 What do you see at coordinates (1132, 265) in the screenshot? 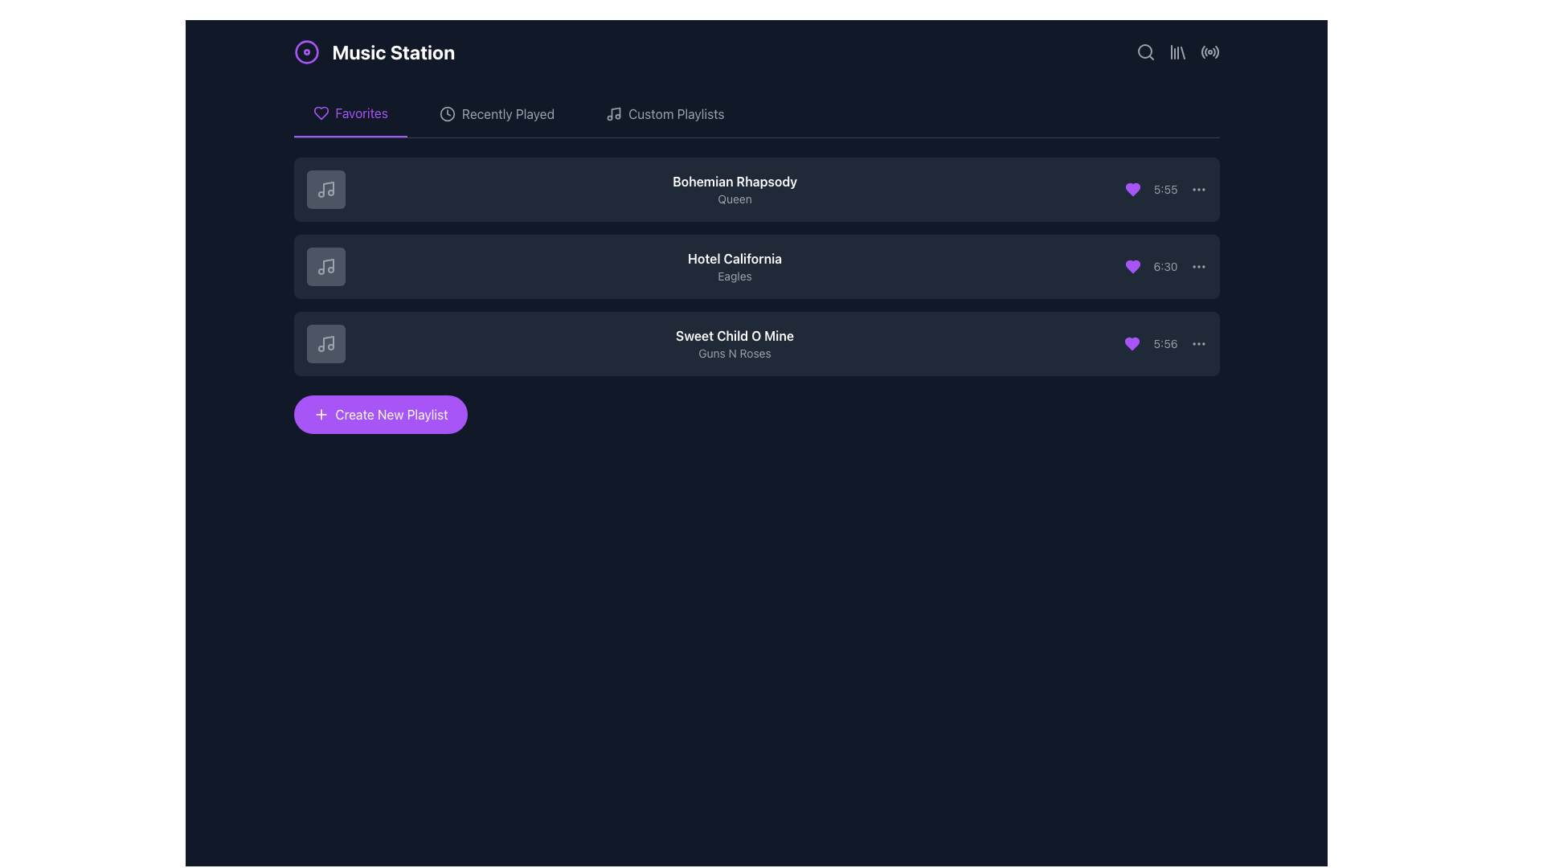
I see `the heart-shaped favoriting indicator located within the second list item in the 'Favorites' tab section` at bounding box center [1132, 265].